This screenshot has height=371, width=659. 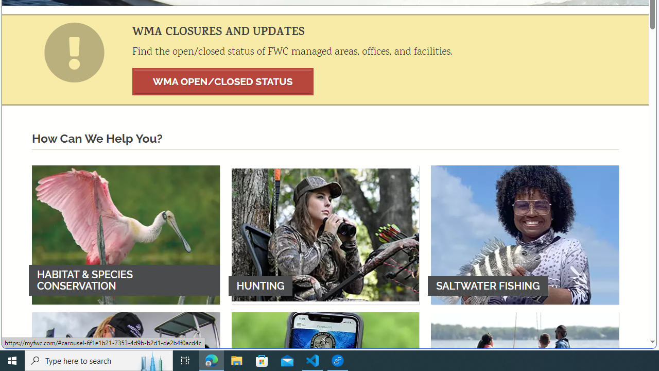 I want to click on 'HABITAT & SPECIES CONSERVATION', so click(x=125, y=234).